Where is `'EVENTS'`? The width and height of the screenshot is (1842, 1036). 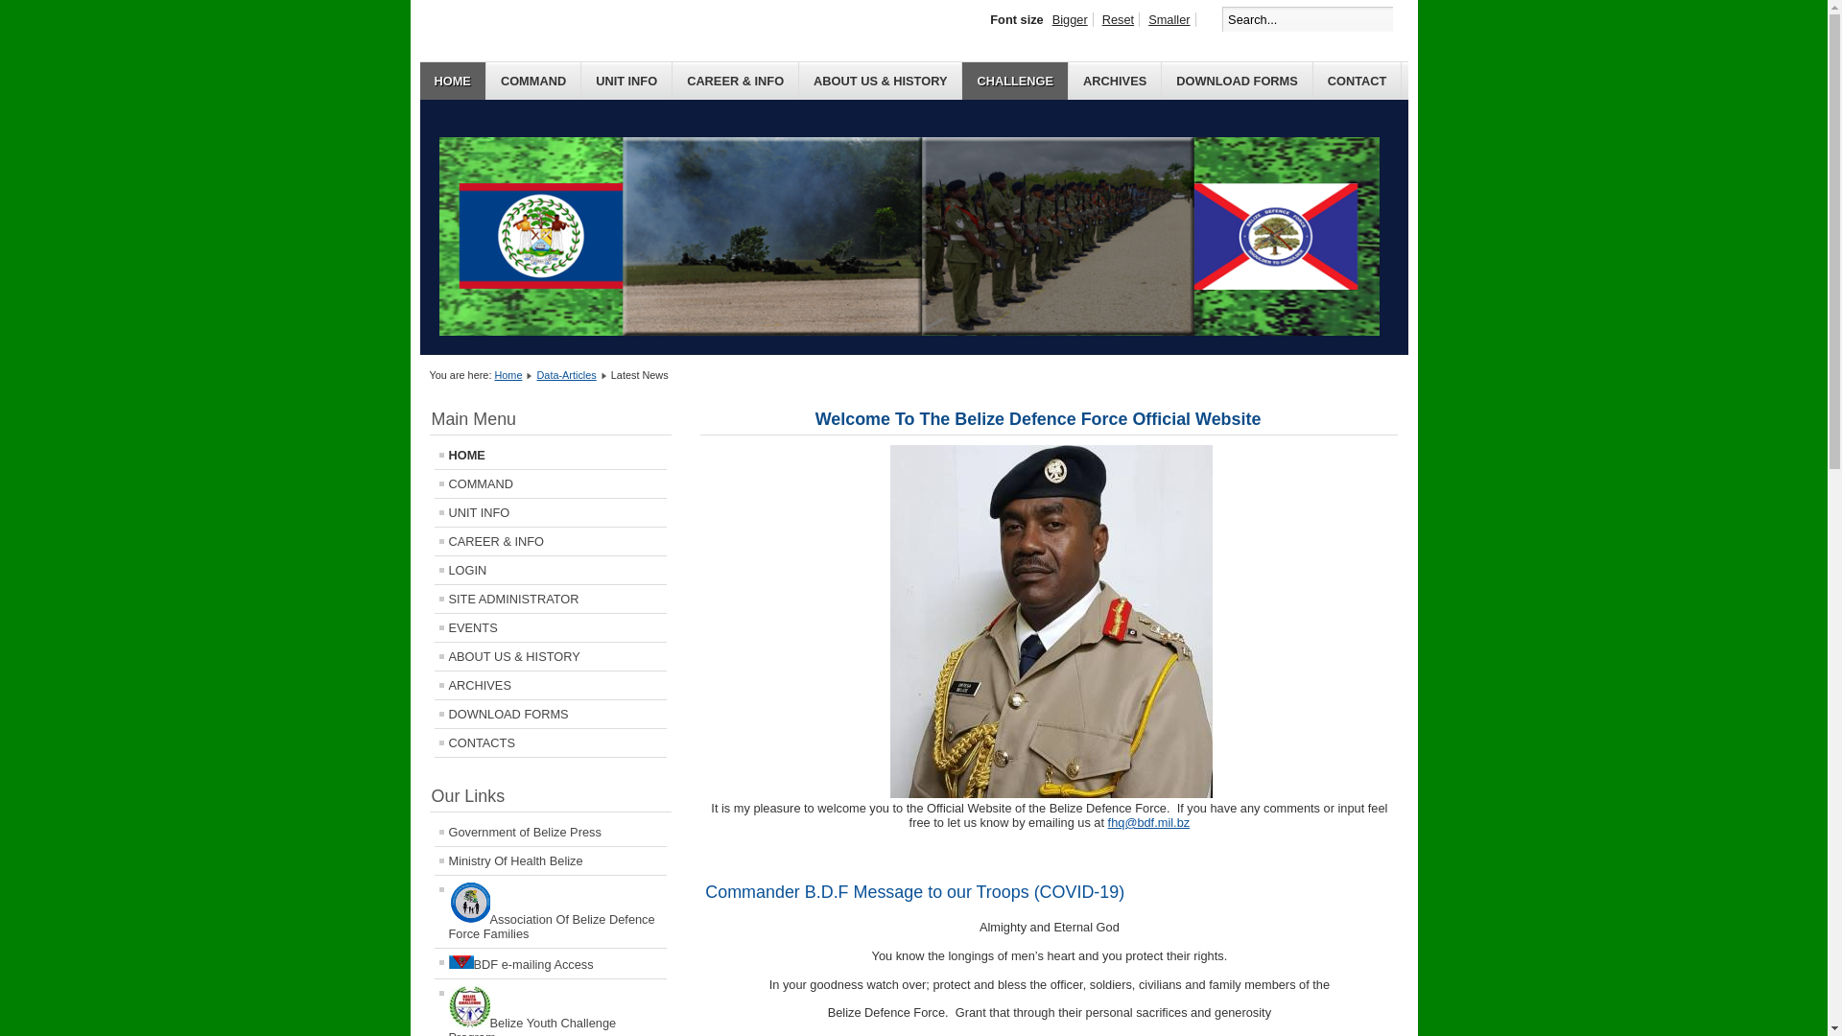
'EVENTS' is located at coordinates (432, 627).